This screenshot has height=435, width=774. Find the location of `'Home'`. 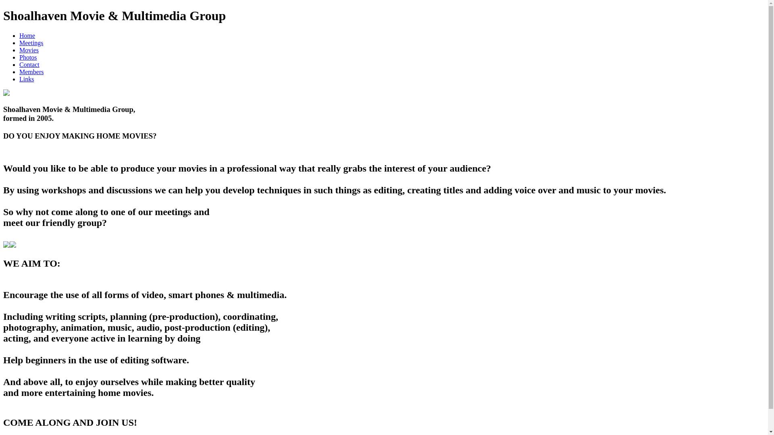

'Home' is located at coordinates (27, 35).